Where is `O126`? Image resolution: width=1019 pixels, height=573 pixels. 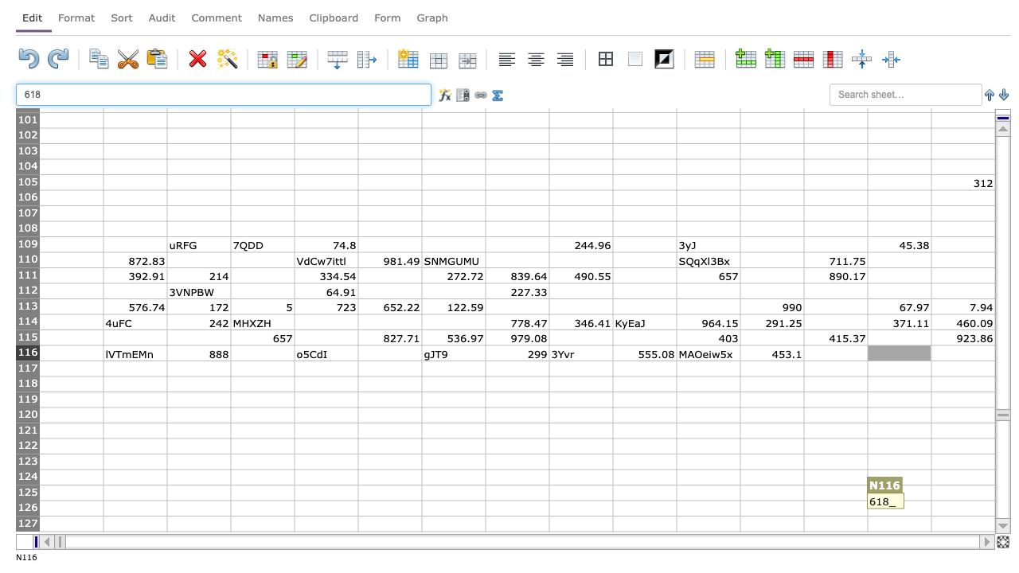 O126 is located at coordinates (962, 508).